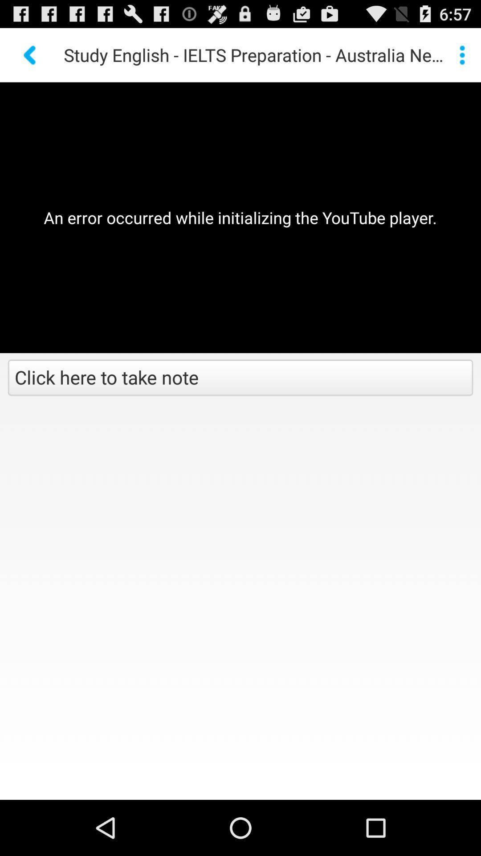  What do you see at coordinates (30, 54) in the screenshot?
I see `go back` at bounding box center [30, 54].